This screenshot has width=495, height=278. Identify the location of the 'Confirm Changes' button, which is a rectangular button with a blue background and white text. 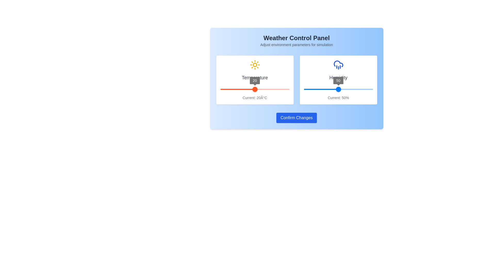
(296, 118).